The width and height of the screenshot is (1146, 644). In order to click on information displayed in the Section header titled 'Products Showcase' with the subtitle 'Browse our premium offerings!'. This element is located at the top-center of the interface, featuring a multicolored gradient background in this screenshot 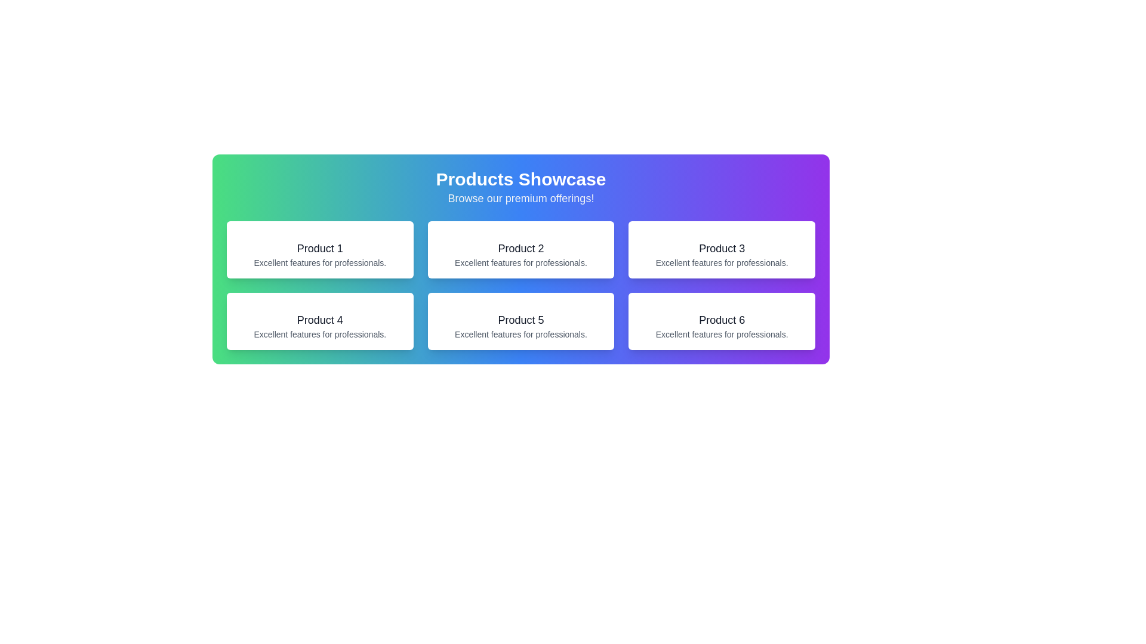, I will do `click(521, 188)`.